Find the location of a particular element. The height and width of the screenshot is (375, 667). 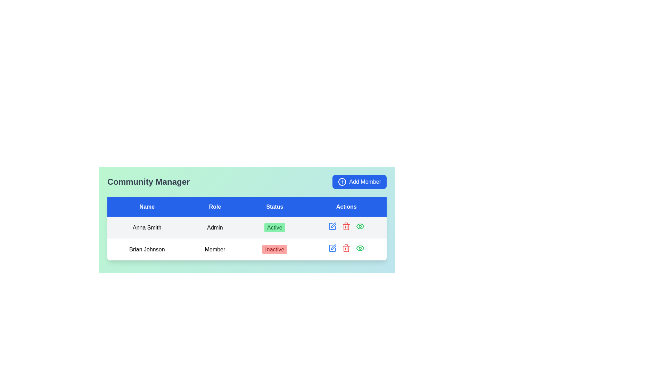

the 'Status' text label, which is a white font on a blue background and is the third column header in the table layout is located at coordinates (274, 207).